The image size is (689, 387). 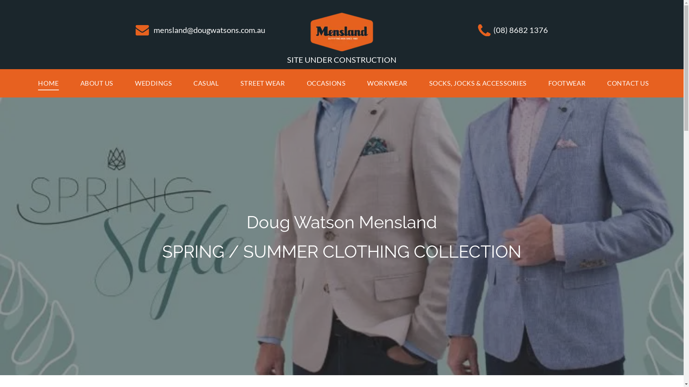 What do you see at coordinates (520, 29) in the screenshot?
I see `'(08) 8682 1376'` at bounding box center [520, 29].